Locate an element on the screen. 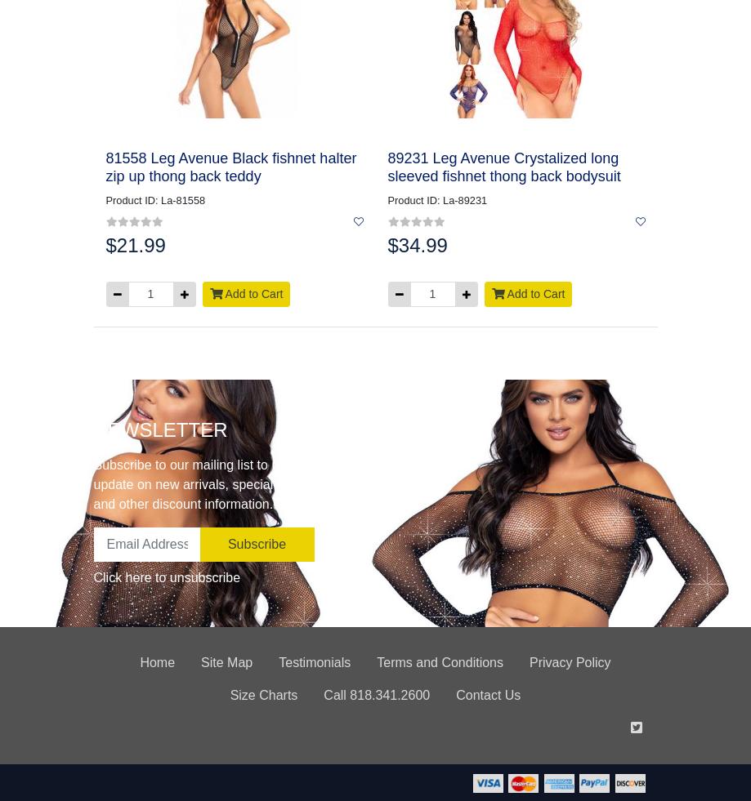  'Subscribe to our mailing list to receive update on new arrivals, special offers and other discount information.' is located at coordinates (92, 483).